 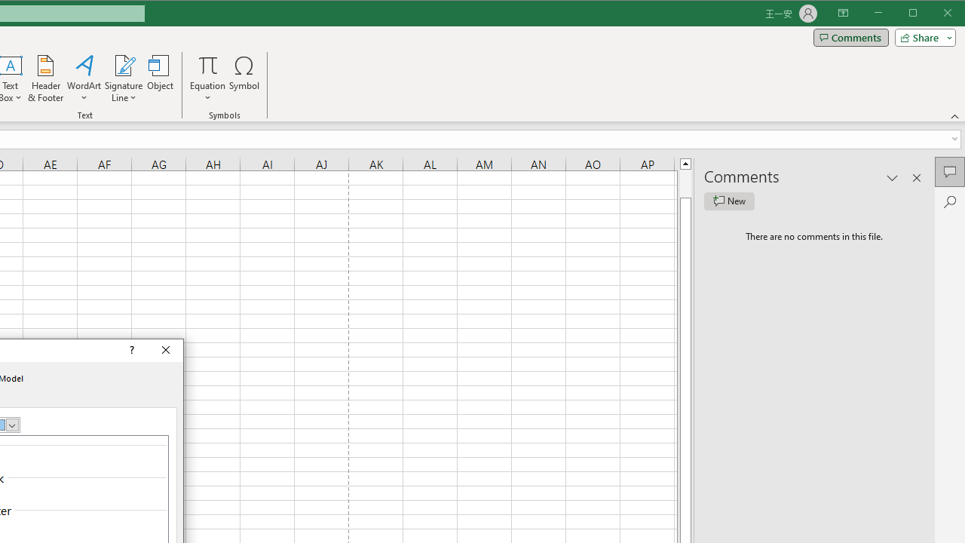 What do you see at coordinates (685, 183) in the screenshot?
I see `'Page up'` at bounding box center [685, 183].